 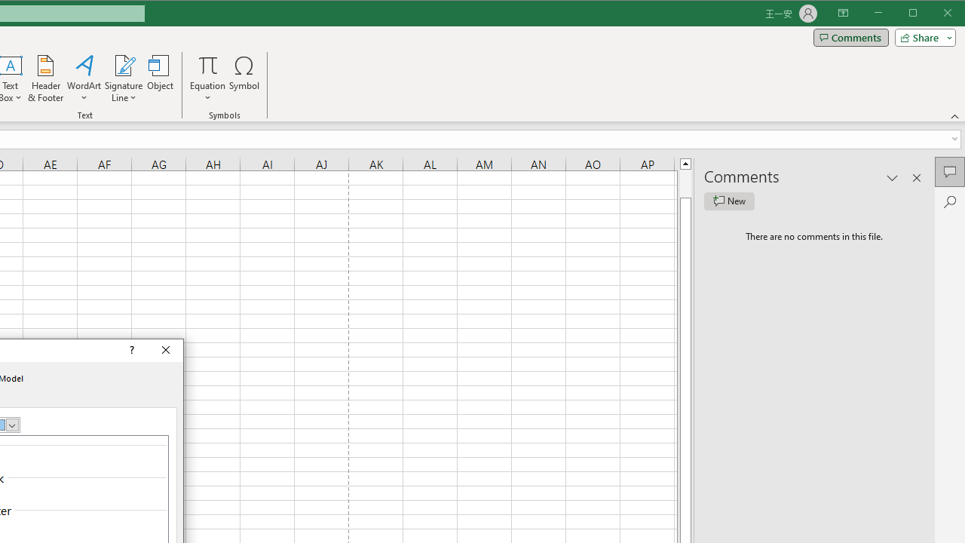 What do you see at coordinates (685, 183) in the screenshot?
I see `'Page up'` at bounding box center [685, 183].